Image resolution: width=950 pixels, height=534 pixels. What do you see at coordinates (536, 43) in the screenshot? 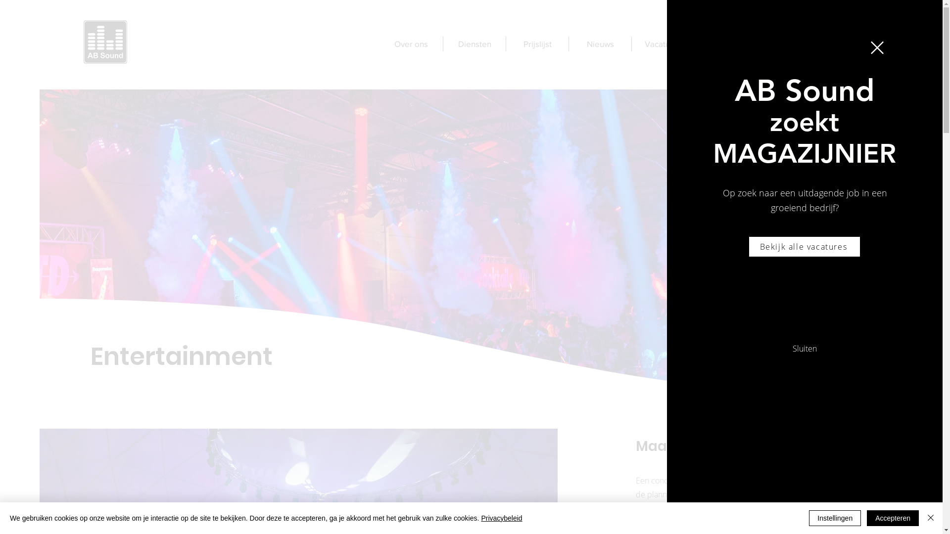
I see `'Prijslijst'` at bounding box center [536, 43].